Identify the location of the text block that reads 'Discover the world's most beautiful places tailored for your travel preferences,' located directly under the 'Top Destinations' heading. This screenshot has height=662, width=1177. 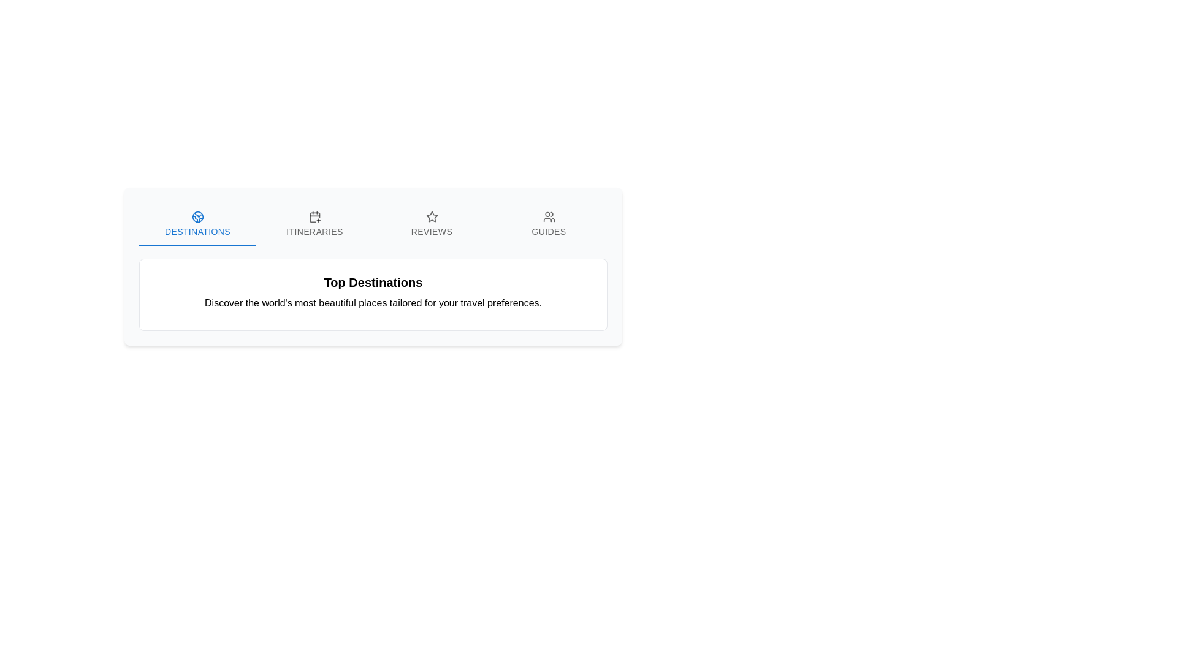
(373, 303).